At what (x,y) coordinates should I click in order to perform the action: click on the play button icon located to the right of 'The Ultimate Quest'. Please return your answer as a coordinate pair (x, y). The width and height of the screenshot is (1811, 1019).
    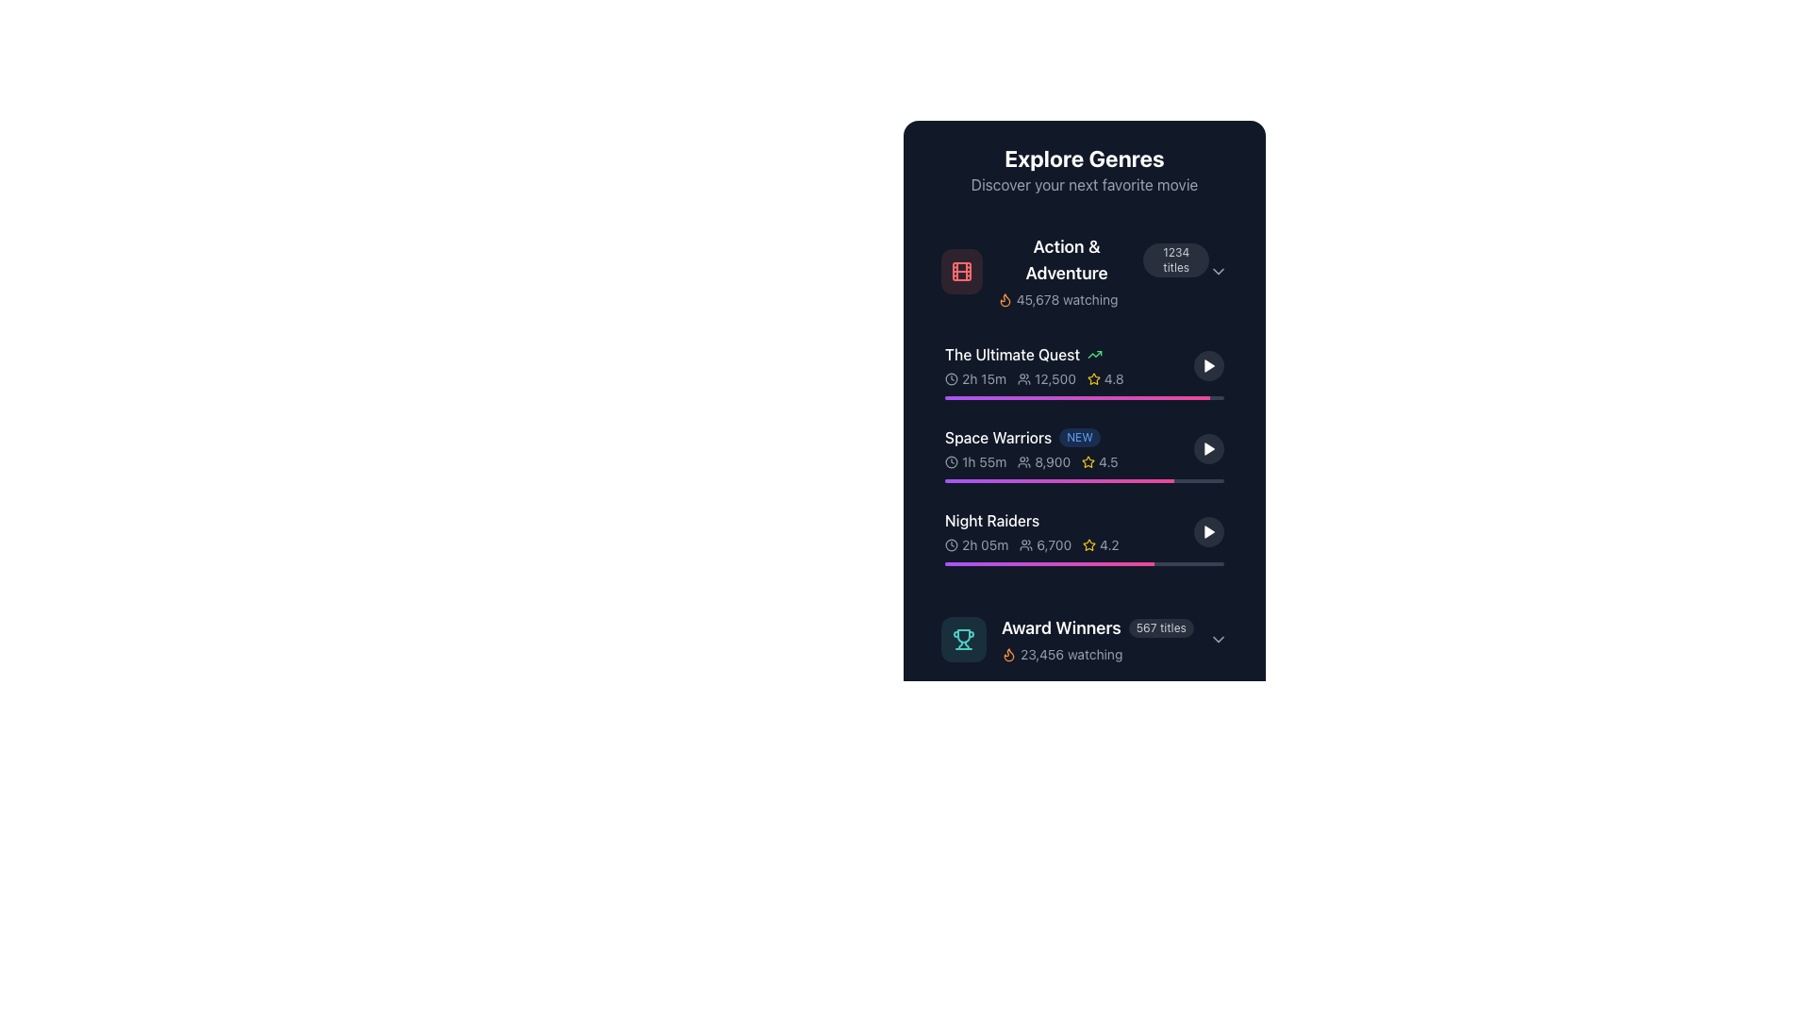
    Looking at the image, I should click on (1208, 366).